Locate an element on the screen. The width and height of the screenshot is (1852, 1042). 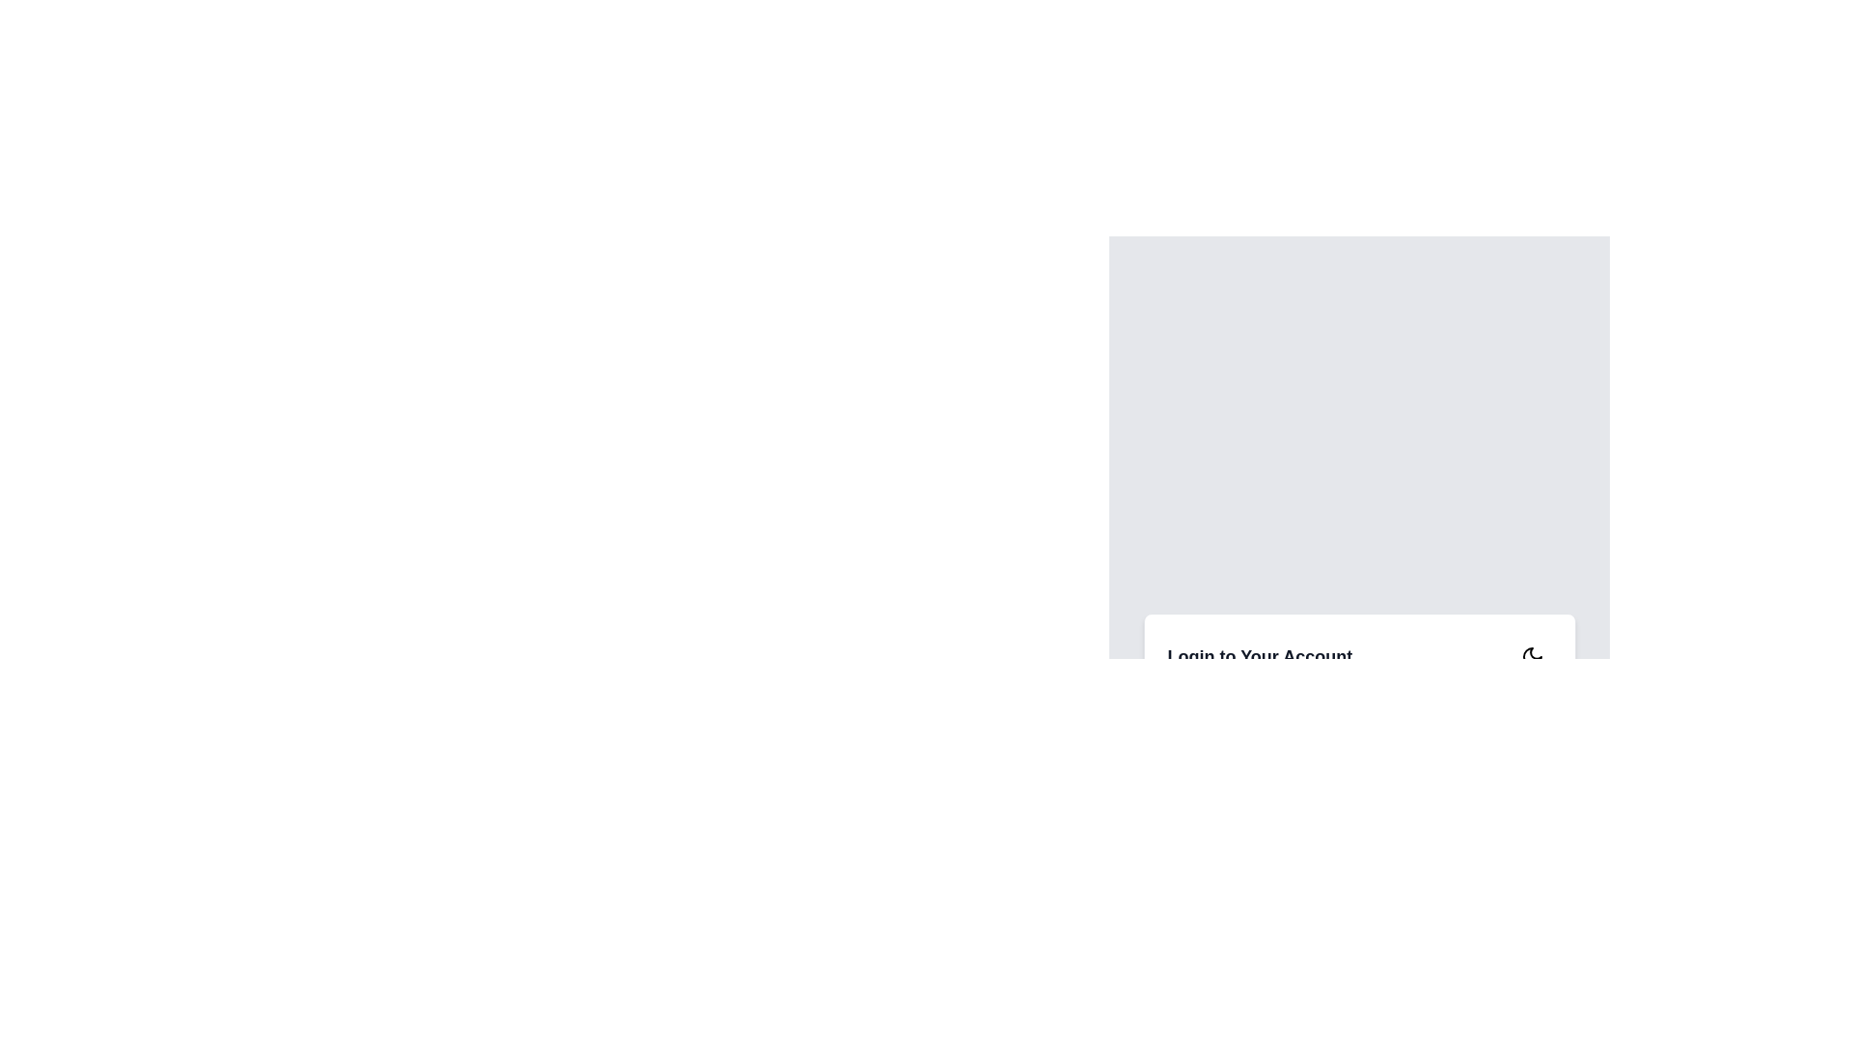
the moon-shaped icon near the 'Login to Your Account' text is located at coordinates (1531, 656).